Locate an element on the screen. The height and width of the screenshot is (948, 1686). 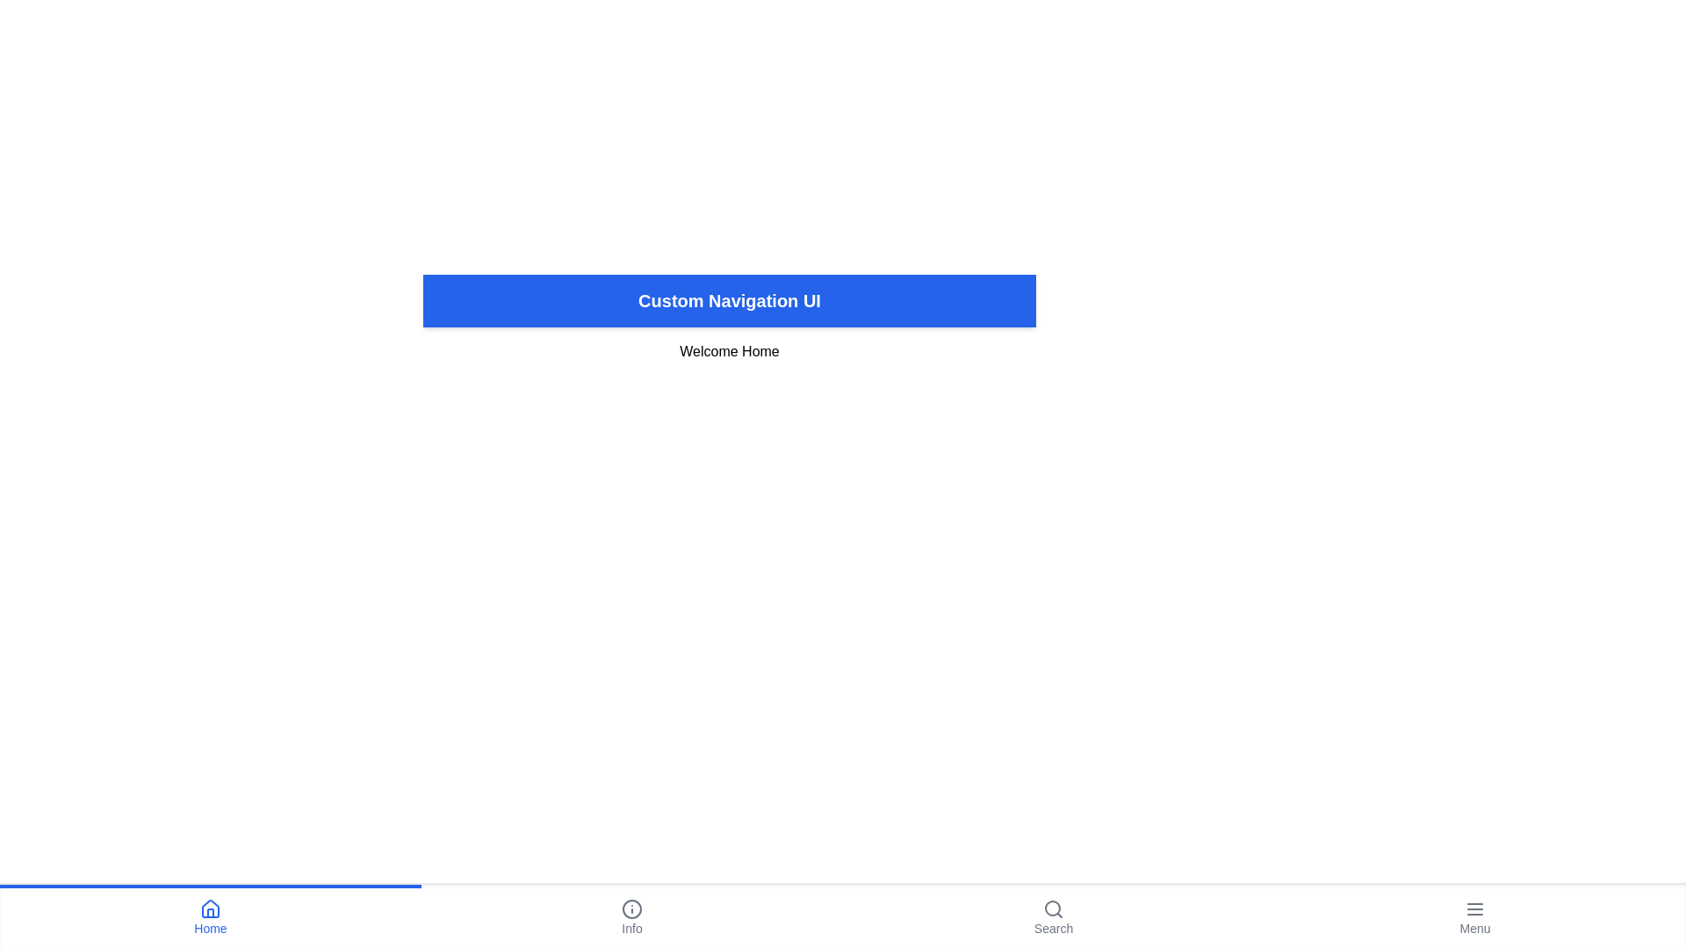
the 'Home' text label located in the bottom navigation menu, which is situated beneath the house icon and is the leftmost label among similar labels is located at coordinates (211, 927).